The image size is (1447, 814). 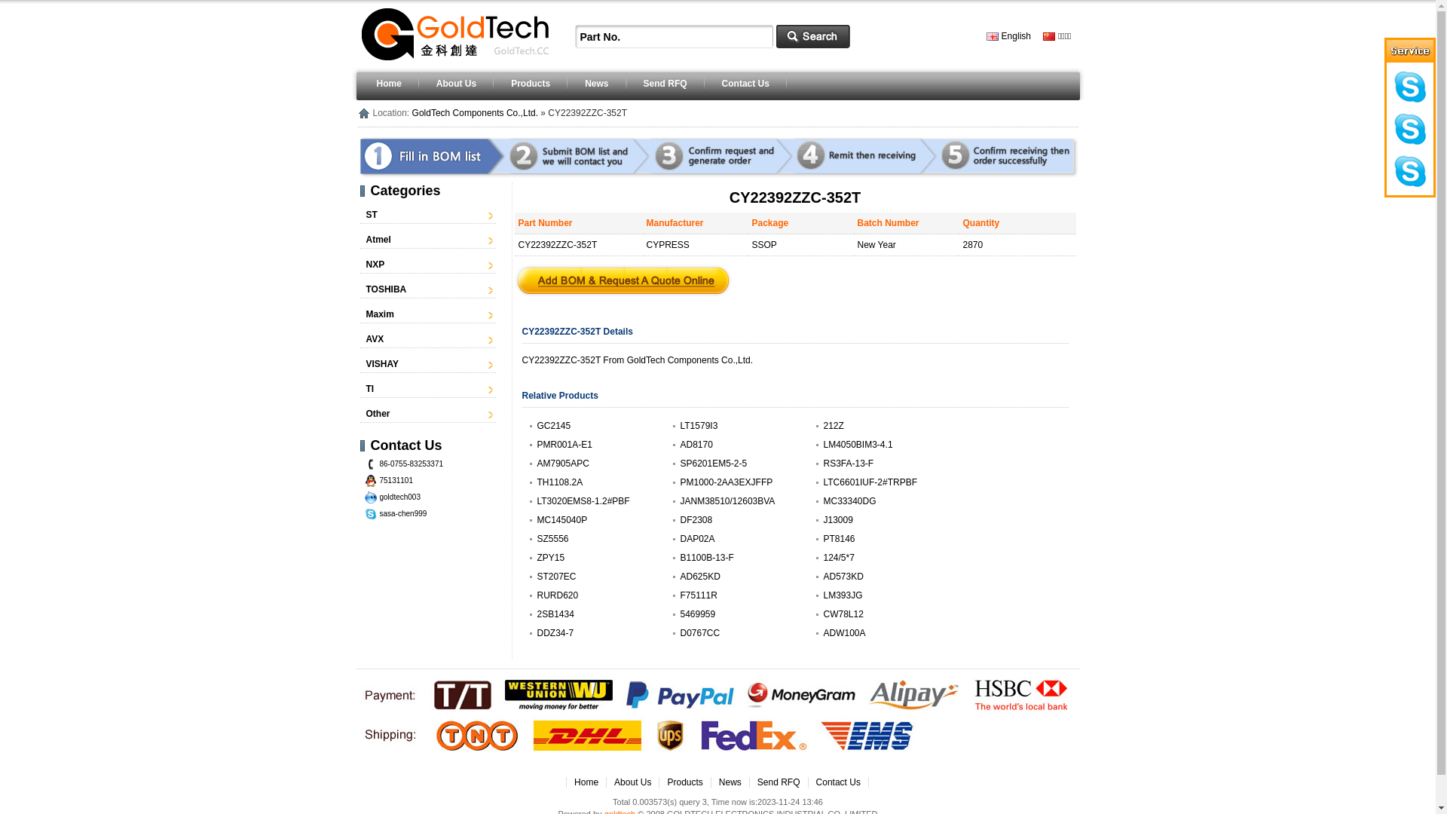 I want to click on 'DDZ34-7', so click(x=554, y=633).